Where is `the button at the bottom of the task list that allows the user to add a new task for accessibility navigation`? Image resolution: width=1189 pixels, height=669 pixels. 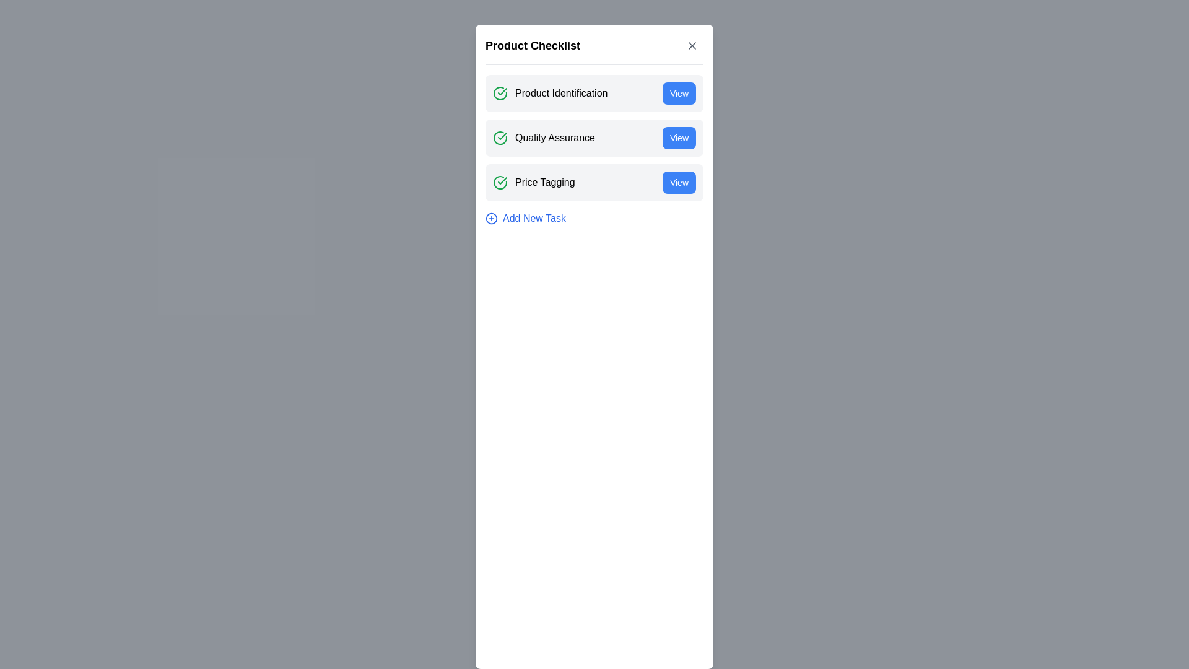 the button at the bottom of the task list that allows the user to add a new task for accessibility navigation is located at coordinates (526, 218).